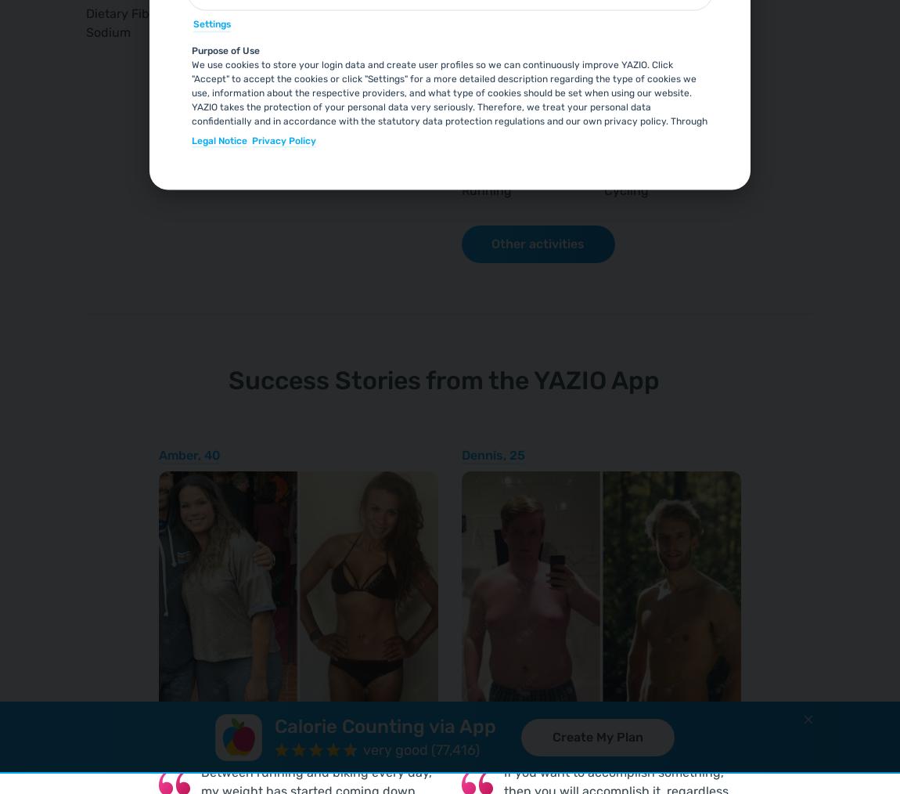  I want to click on 'Running', so click(485, 189).